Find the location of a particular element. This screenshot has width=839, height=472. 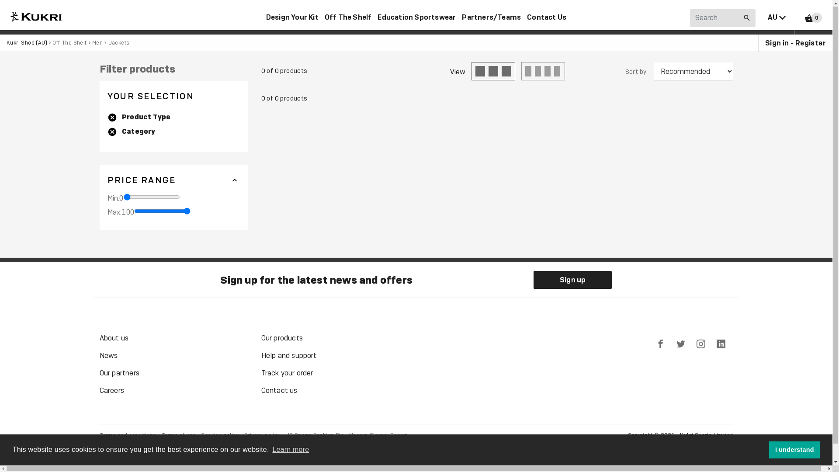

'Terms and conditions' is located at coordinates (99, 435).